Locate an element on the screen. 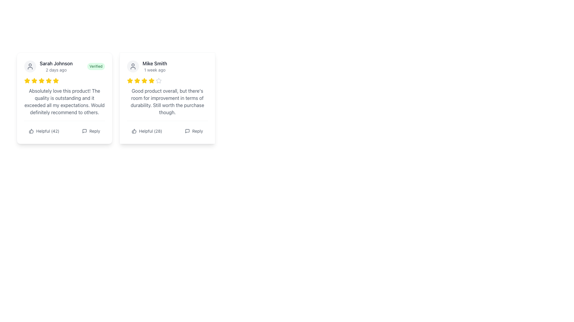 This screenshot has width=574, height=322. the Profile avatar, a circular icon with a light gray background and a gray outline of a person, located to the left of the review text 'Mike Smith 1 week ago' is located at coordinates (133, 66).